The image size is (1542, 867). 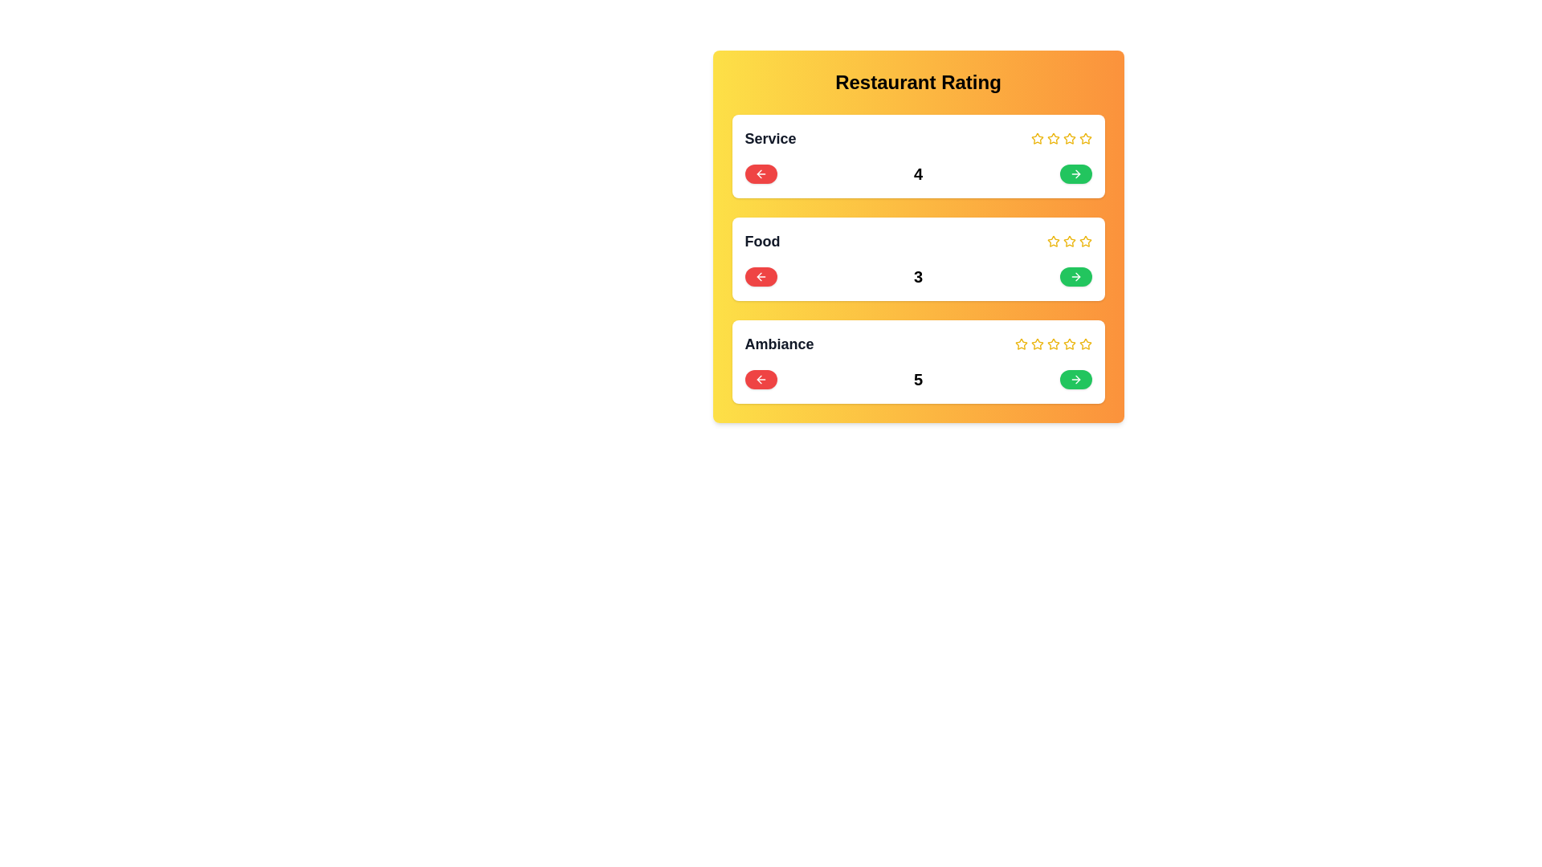 I want to click on the red circular button icon located on the left side of the 'Service' row in the 'Restaurant Rating' interface, so click(x=760, y=173).